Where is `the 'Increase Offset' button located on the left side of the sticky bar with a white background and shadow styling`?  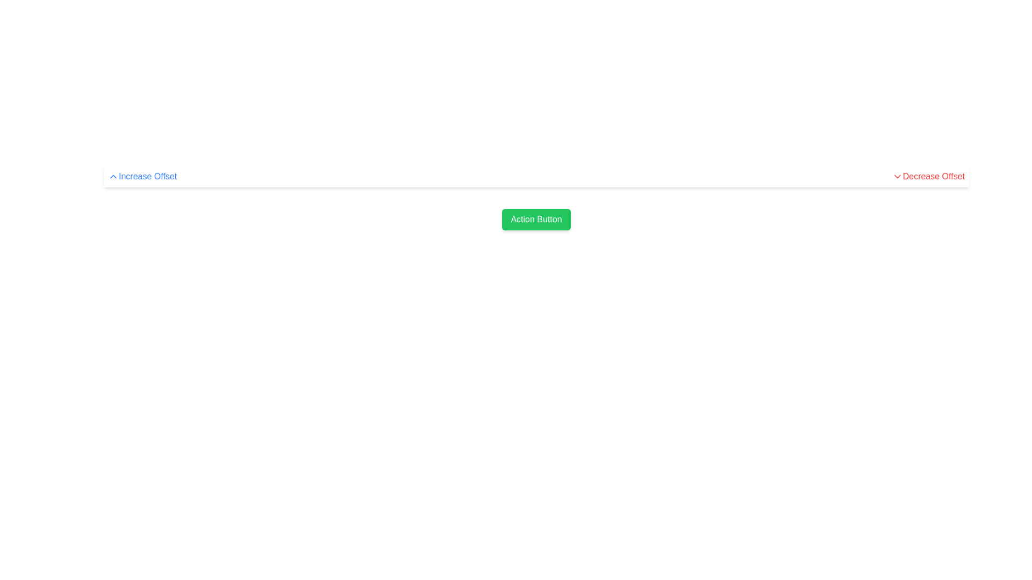
the 'Increase Offset' button located on the left side of the sticky bar with a white background and shadow styling is located at coordinates (536, 176).